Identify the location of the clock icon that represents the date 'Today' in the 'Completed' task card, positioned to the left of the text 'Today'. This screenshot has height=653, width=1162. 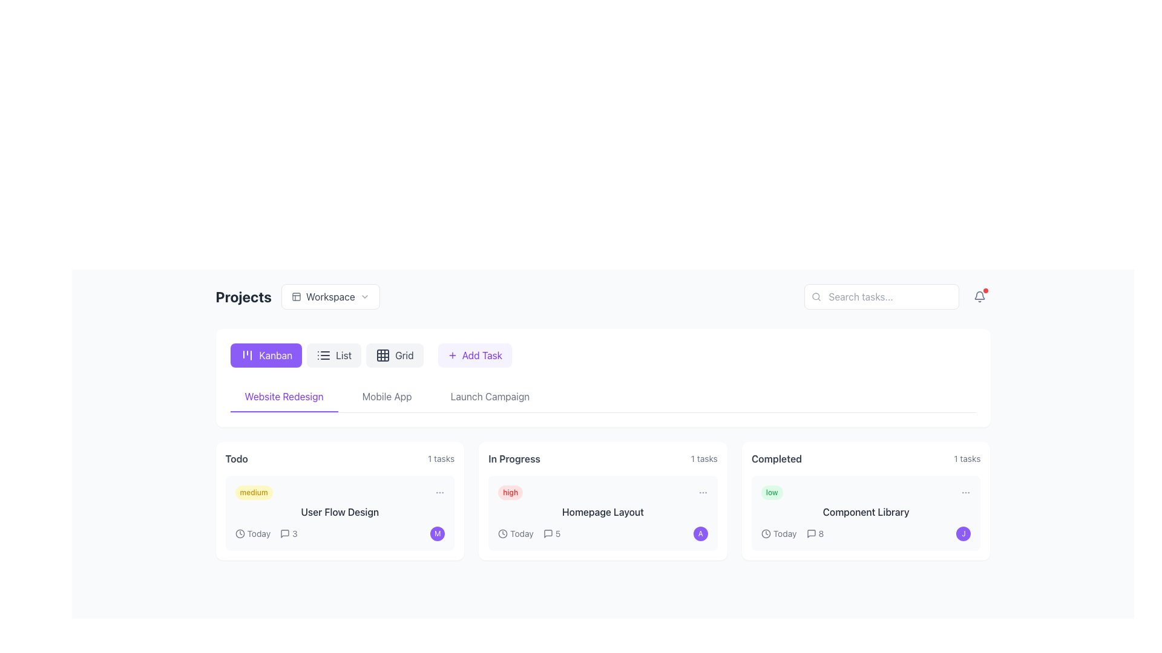
(765, 533).